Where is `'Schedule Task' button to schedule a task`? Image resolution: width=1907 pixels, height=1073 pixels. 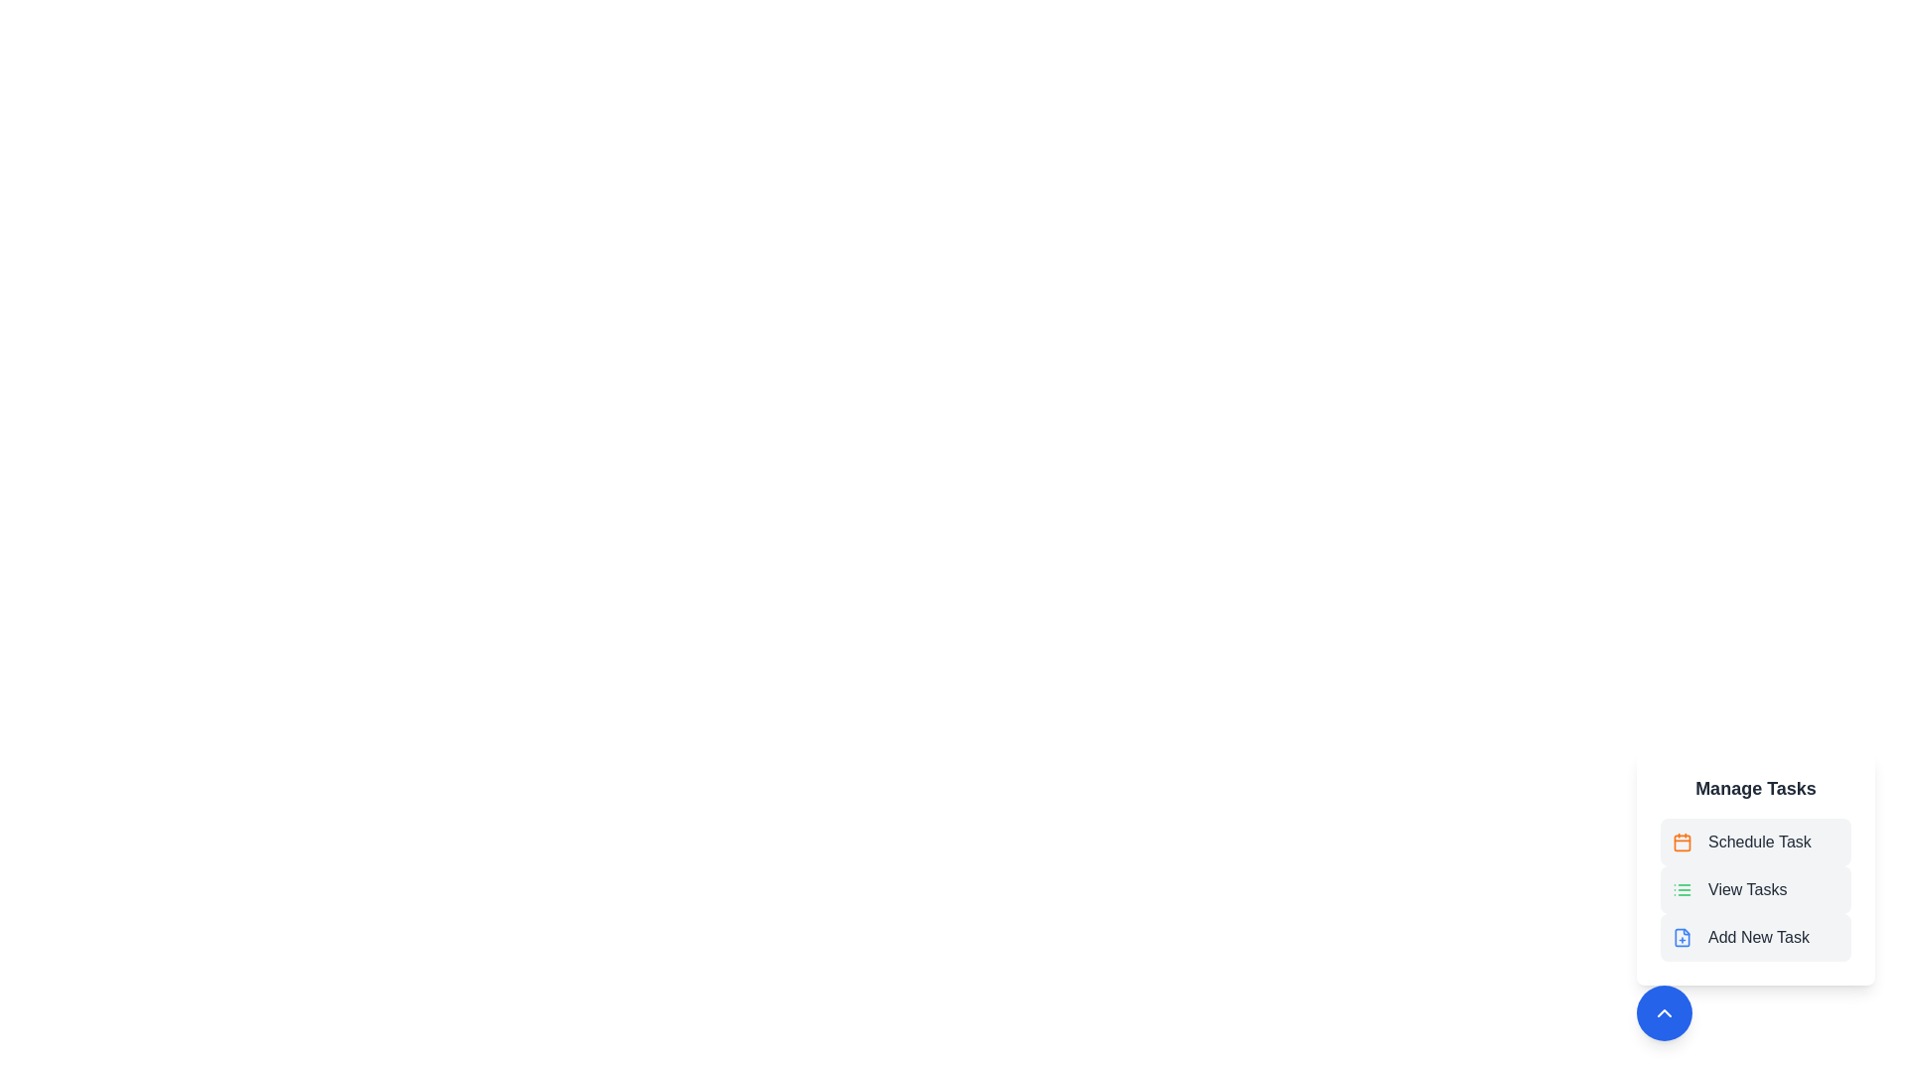 'Schedule Task' button to schedule a task is located at coordinates (1755, 843).